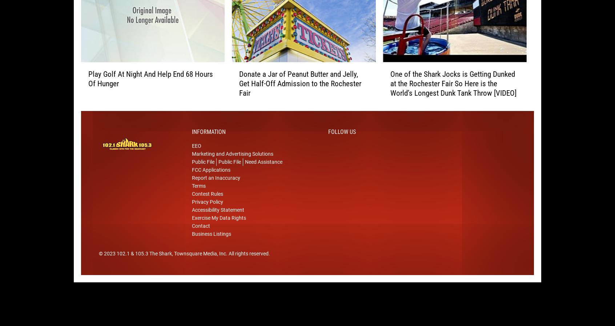 Image resolution: width=615 pixels, height=326 pixels. What do you see at coordinates (207, 213) in the screenshot?
I see `'Privacy Policy'` at bounding box center [207, 213].